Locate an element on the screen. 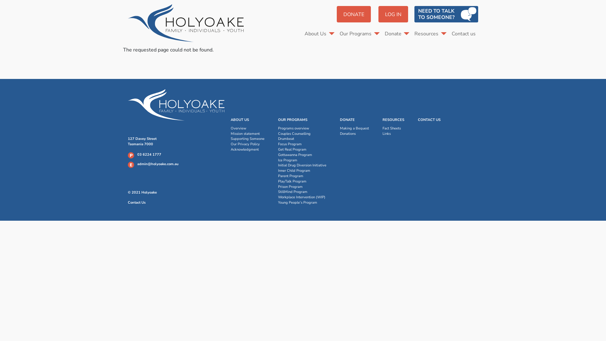 This screenshot has width=606, height=341. 'Couples Counselling' is located at coordinates (302, 134).